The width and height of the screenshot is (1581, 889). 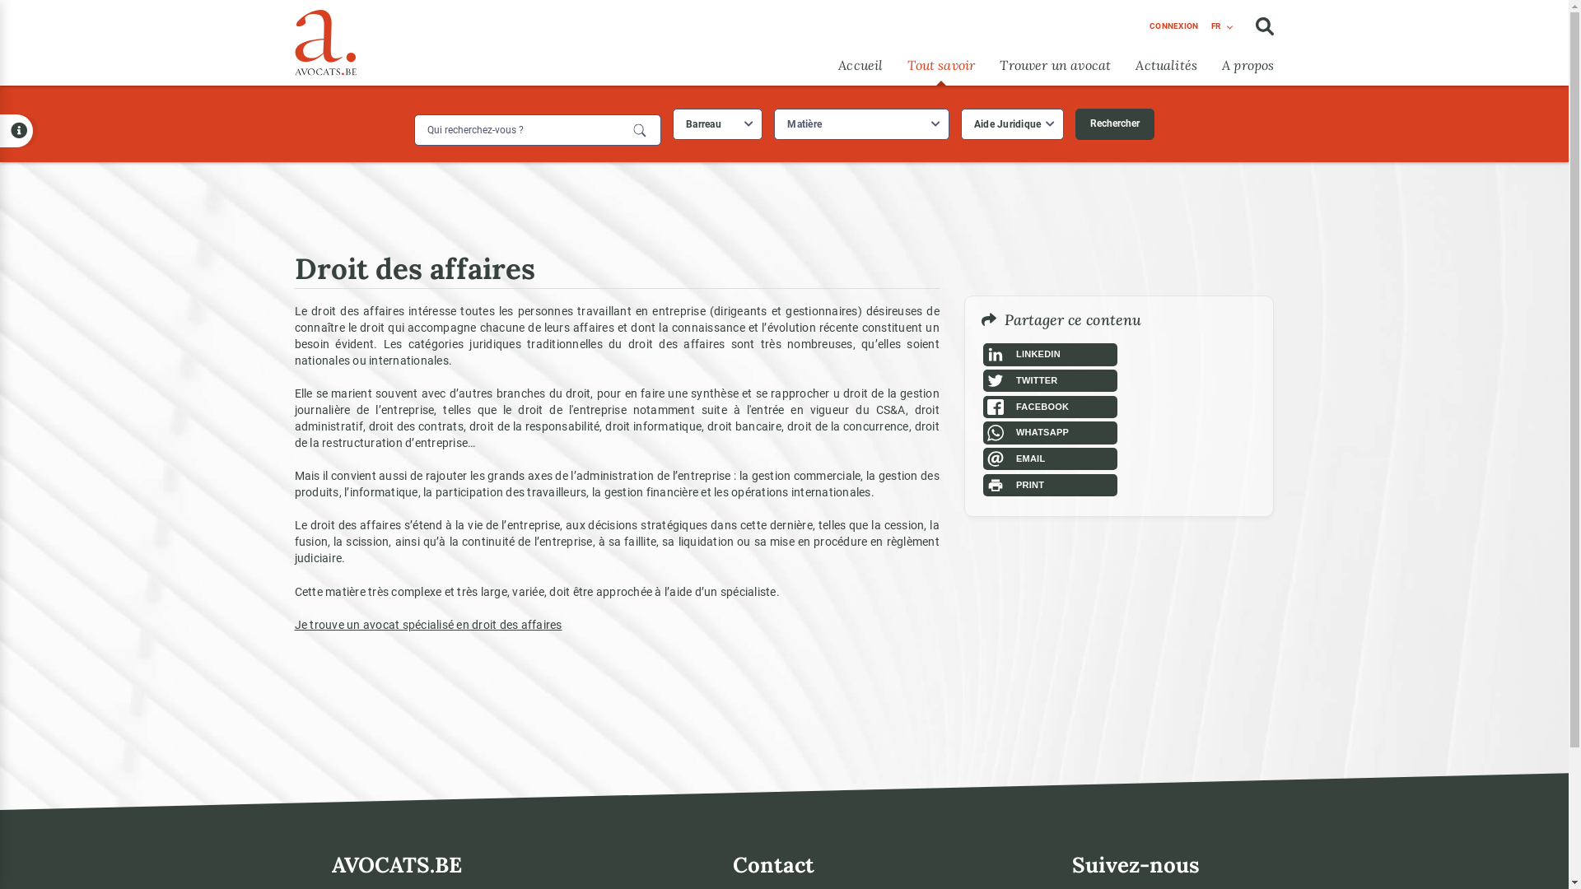 What do you see at coordinates (1114, 123) in the screenshot?
I see `'Rechercher'` at bounding box center [1114, 123].